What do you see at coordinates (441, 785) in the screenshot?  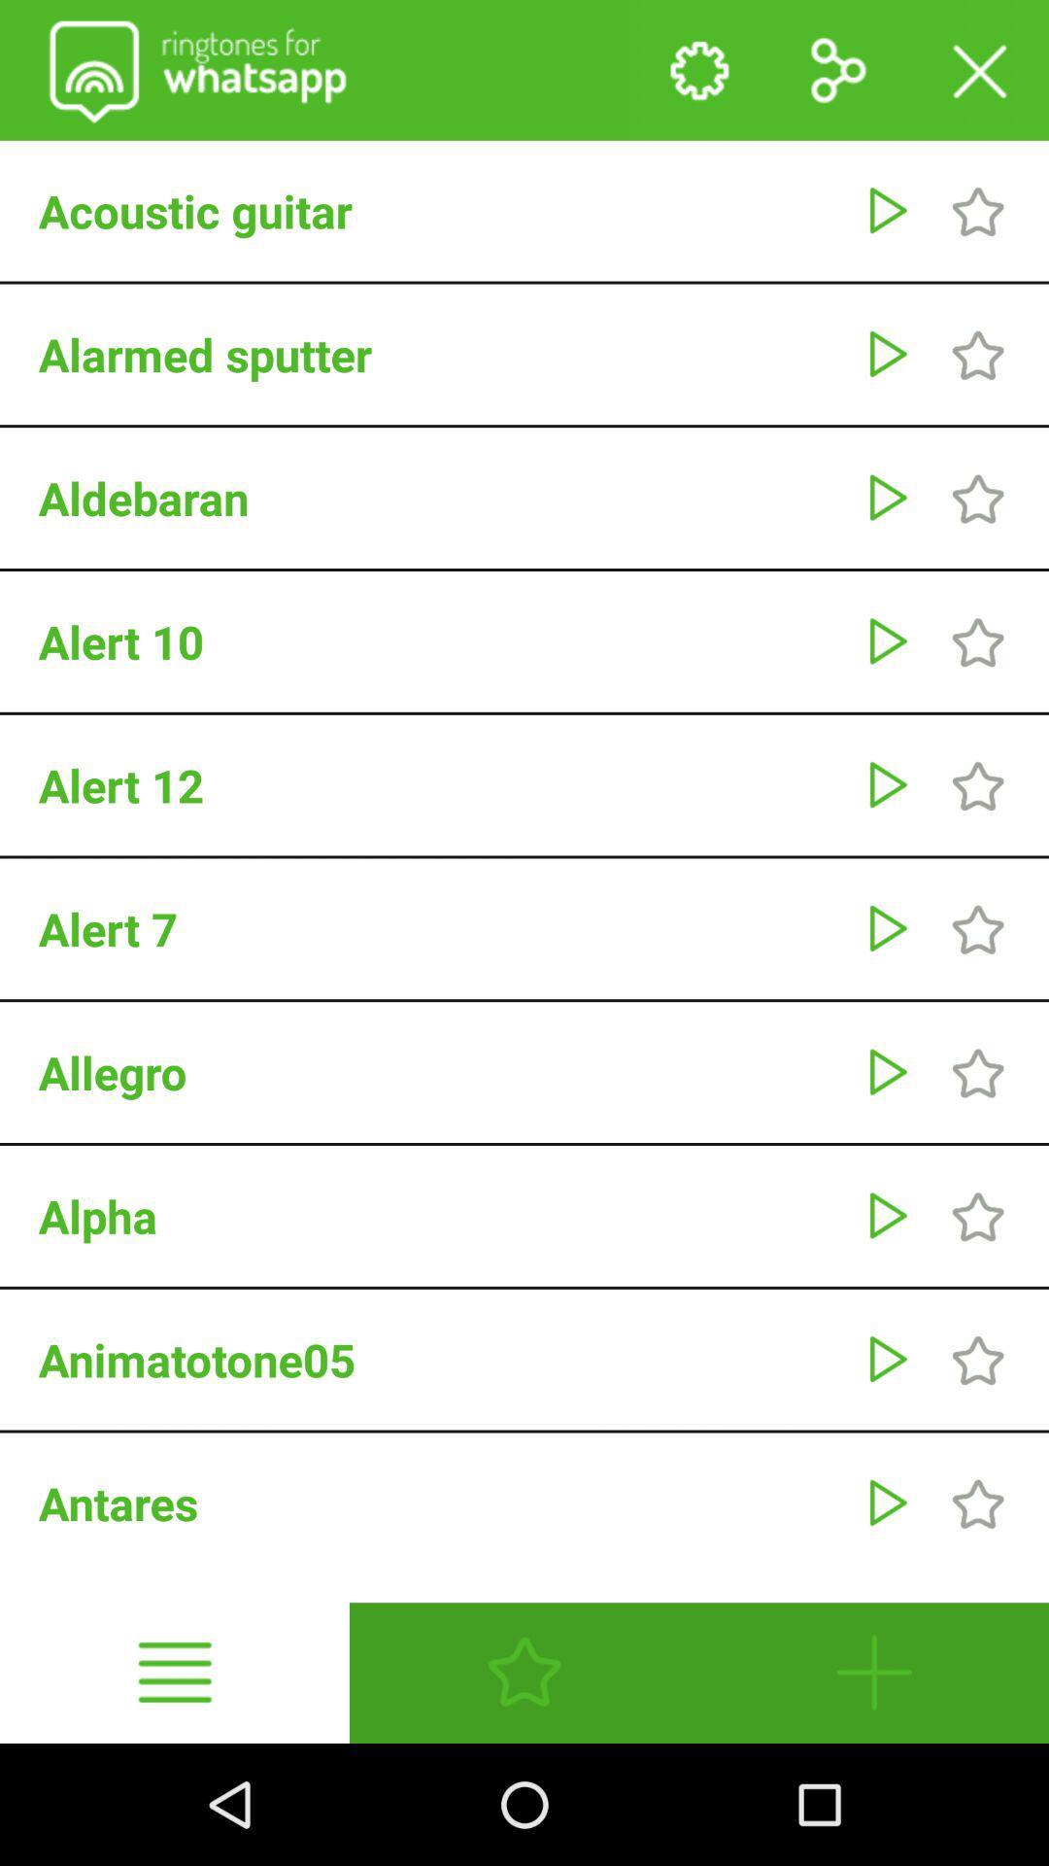 I see `the alert 12 app` at bounding box center [441, 785].